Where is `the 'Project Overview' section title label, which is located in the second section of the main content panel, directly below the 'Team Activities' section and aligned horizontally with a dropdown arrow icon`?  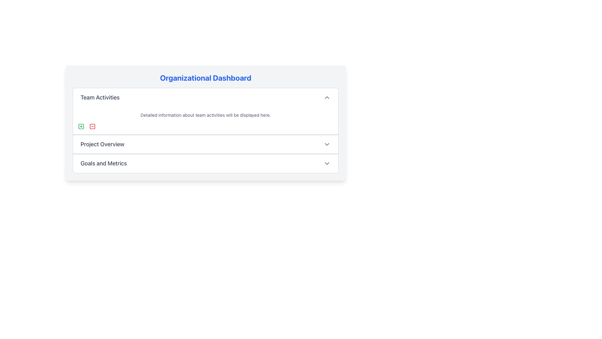
the 'Project Overview' section title label, which is located in the second section of the main content panel, directly below the 'Team Activities' section and aligned horizontally with a dropdown arrow icon is located at coordinates (102, 144).